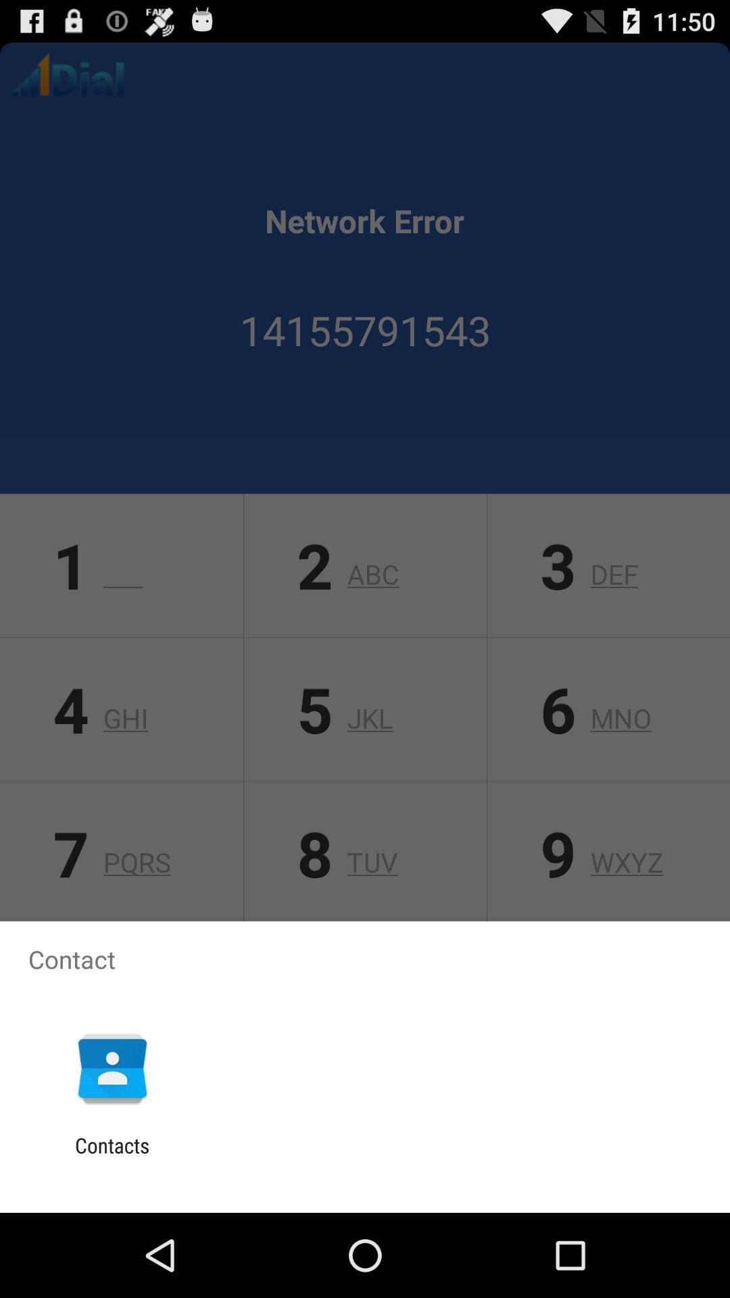  What do you see at coordinates (112, 1157) in the screenshot?
I see `contacts` at bounding box center [112, 1157].